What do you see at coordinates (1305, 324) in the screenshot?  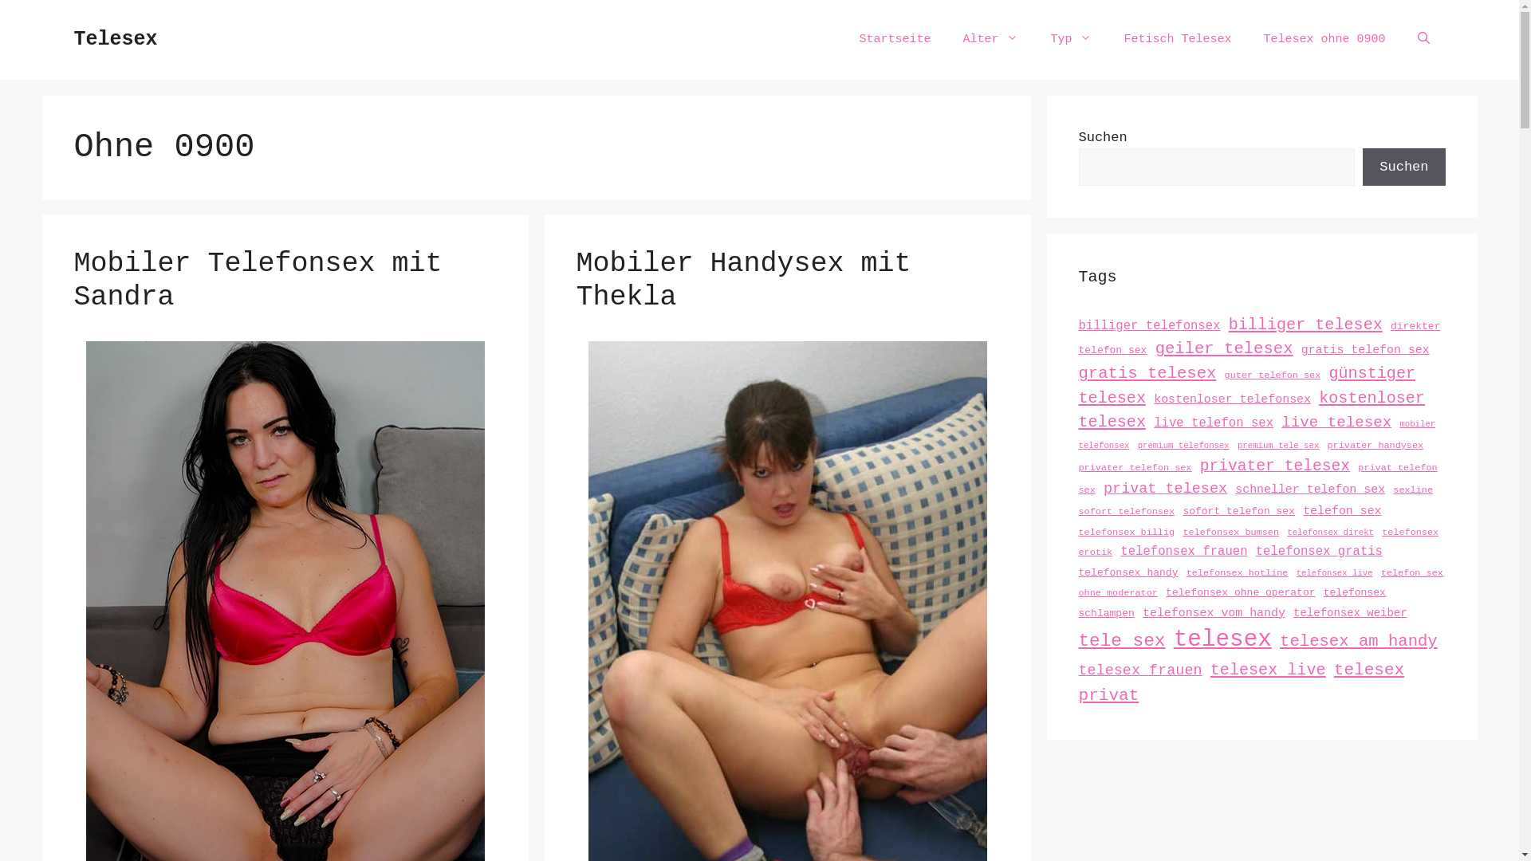 I see `'billiger telesex'` at bounding box center [1305, 324].